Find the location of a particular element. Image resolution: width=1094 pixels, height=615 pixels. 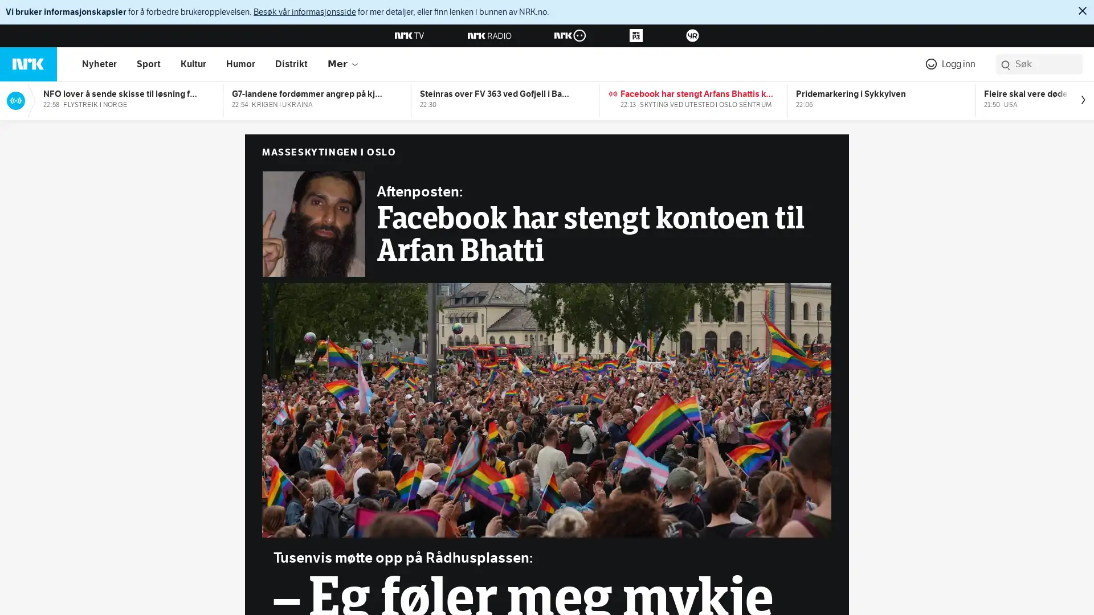

Mer is located at coordinates (342, 63).